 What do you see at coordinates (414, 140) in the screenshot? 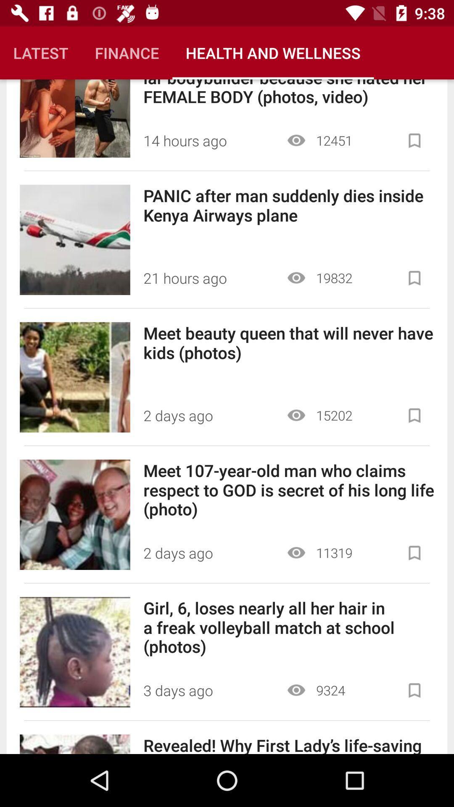
I see `bookmark first article` at bounding box center [414, 140].